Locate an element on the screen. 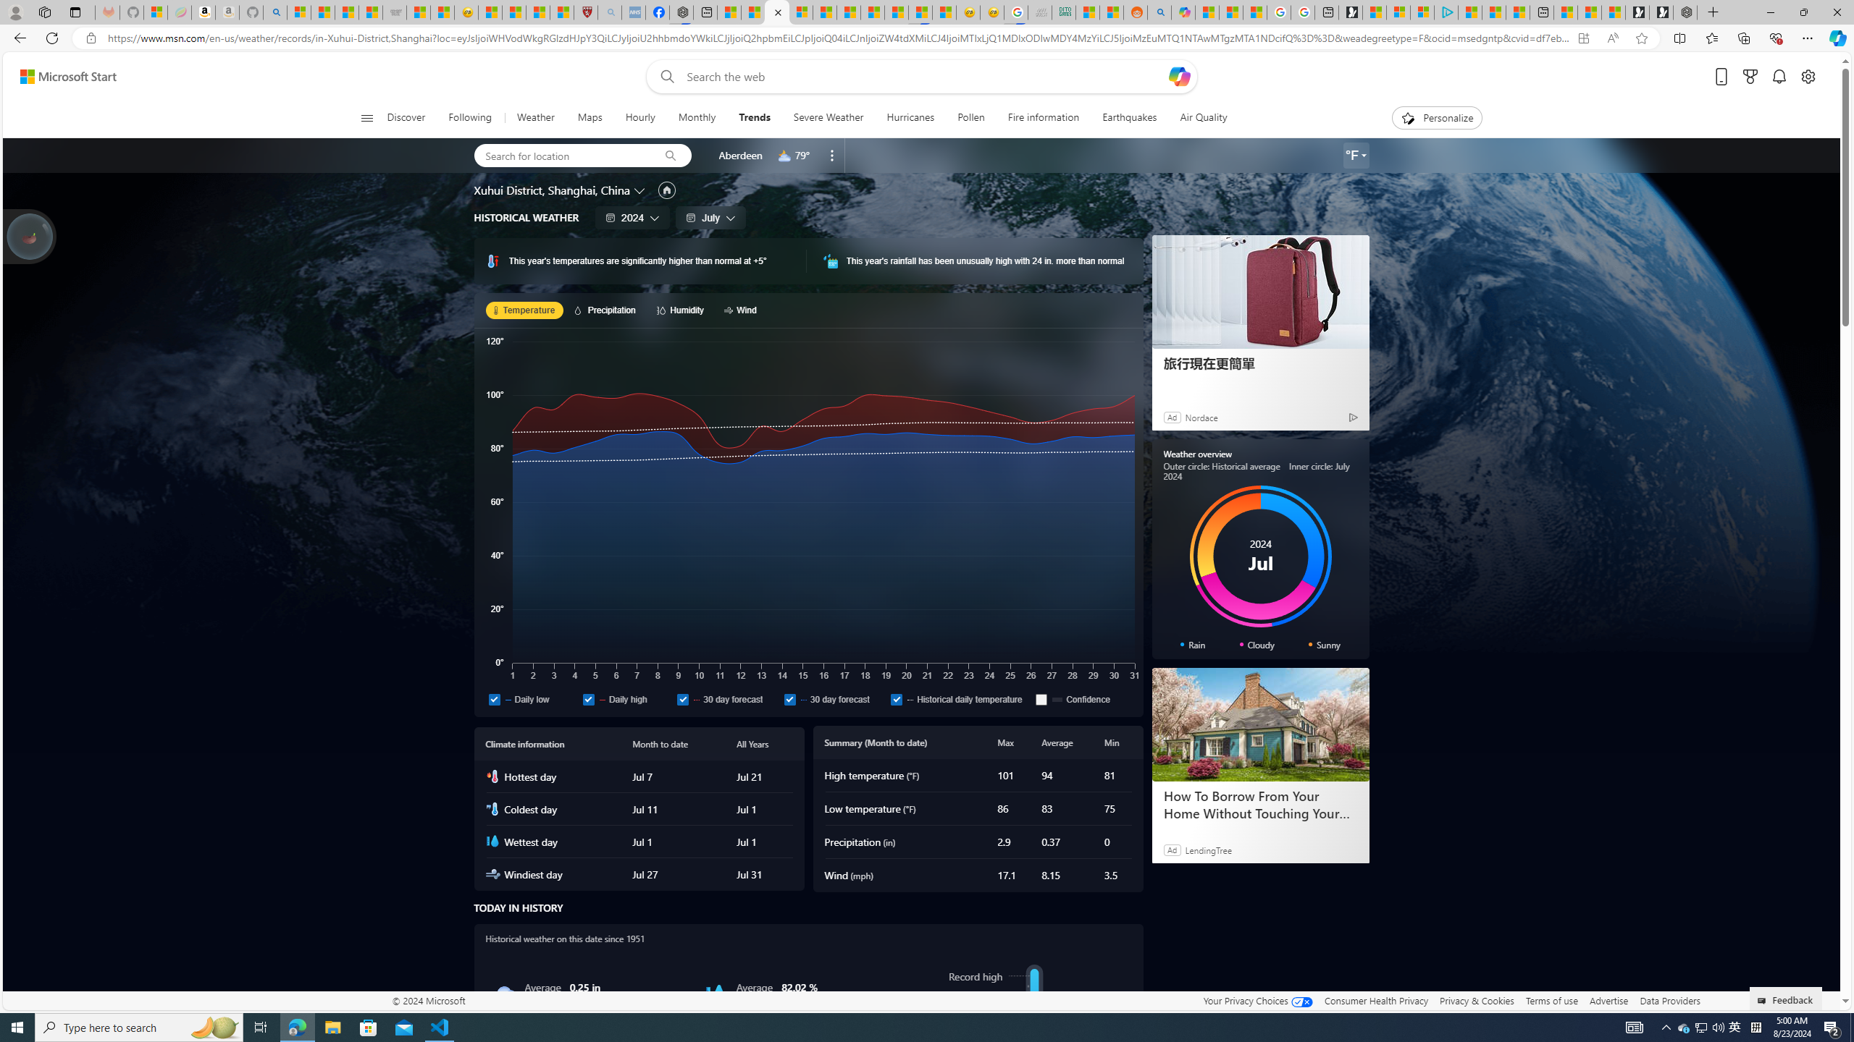 The height and width of the screenshot is (1042, 1854). '2024' is located at coordinates (632, 216).